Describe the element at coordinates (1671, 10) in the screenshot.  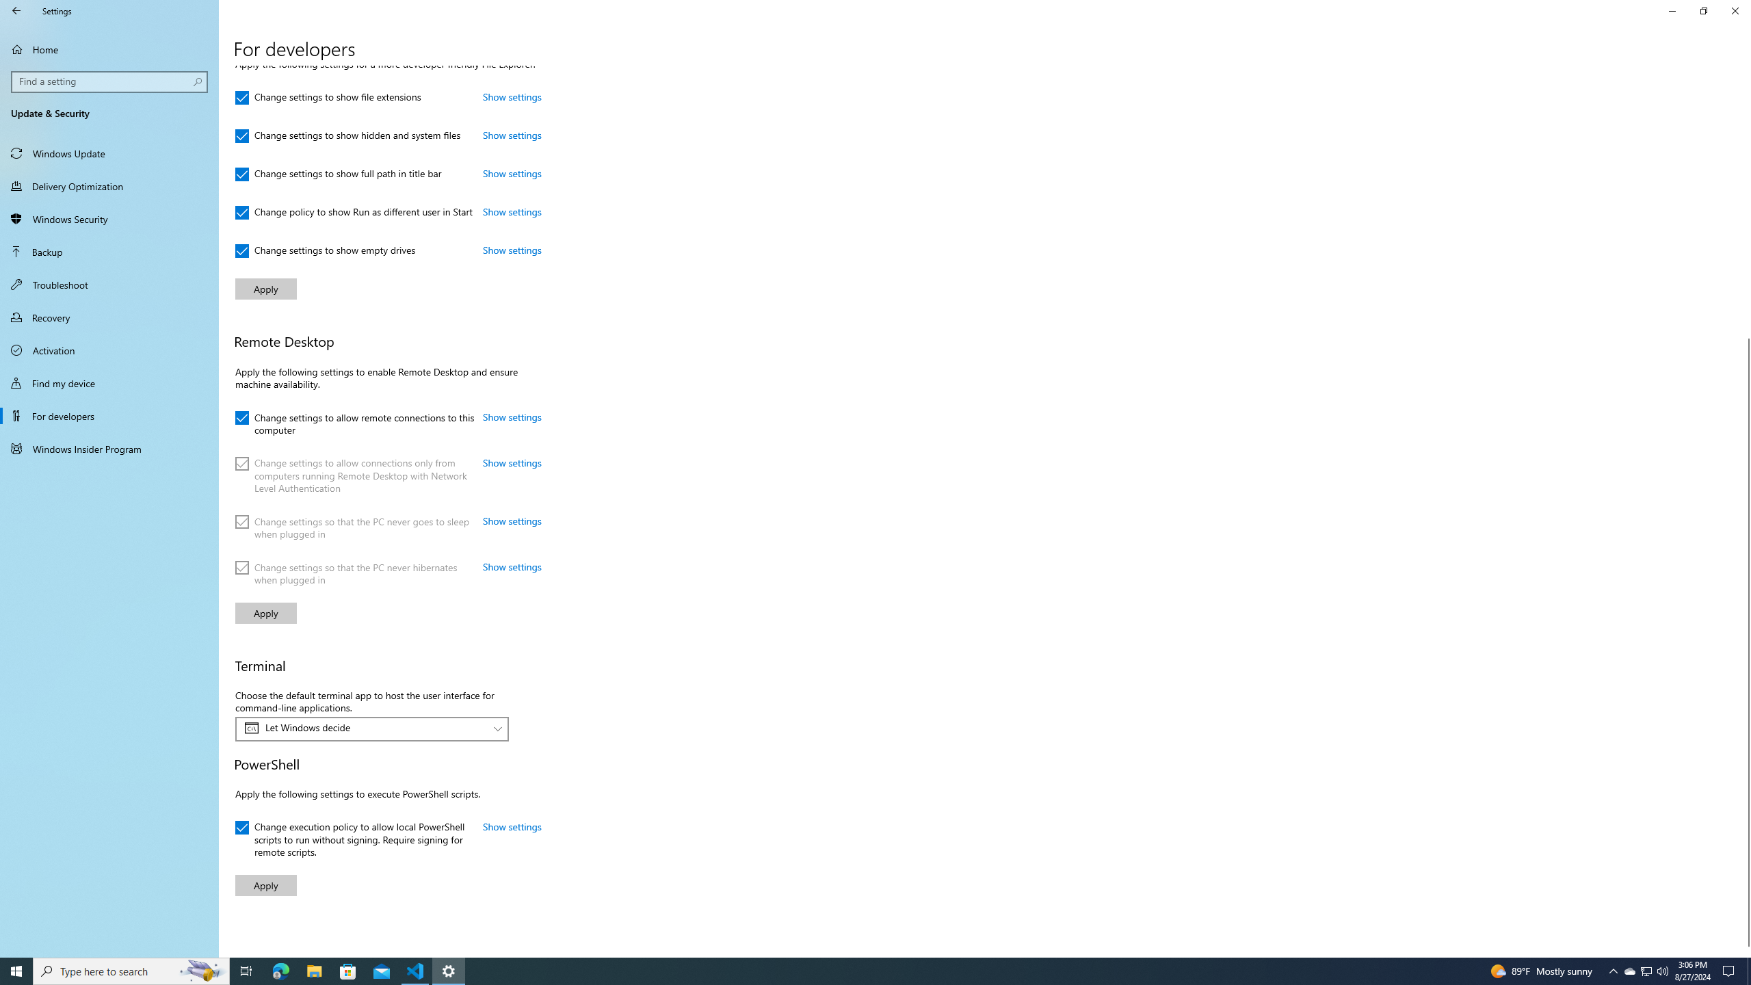
I see `'Minimize Settings'` at that location.